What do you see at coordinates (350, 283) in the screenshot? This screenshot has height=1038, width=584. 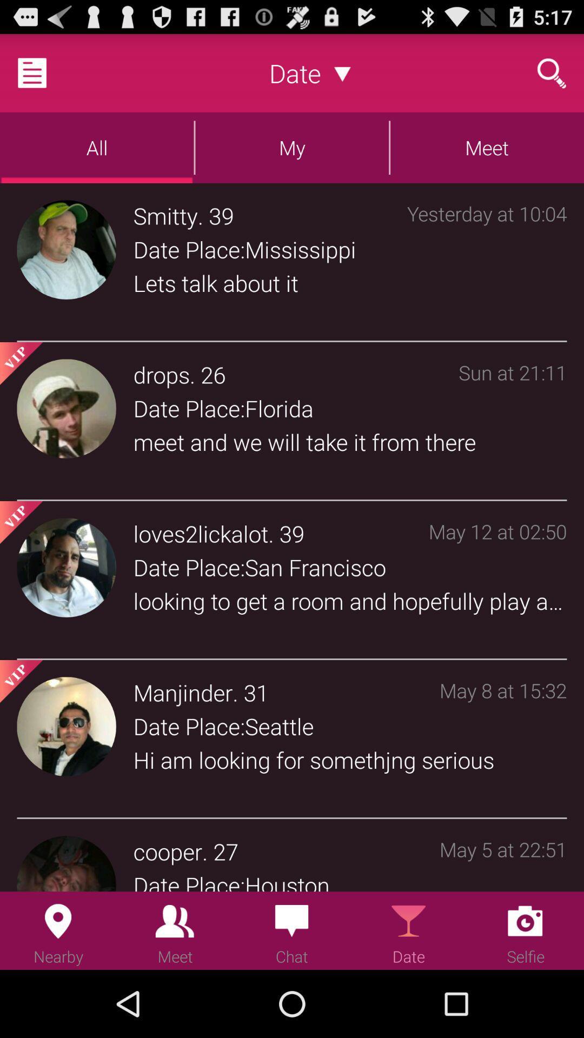 I see `lets talk about app` at bounding box center [350, 283].